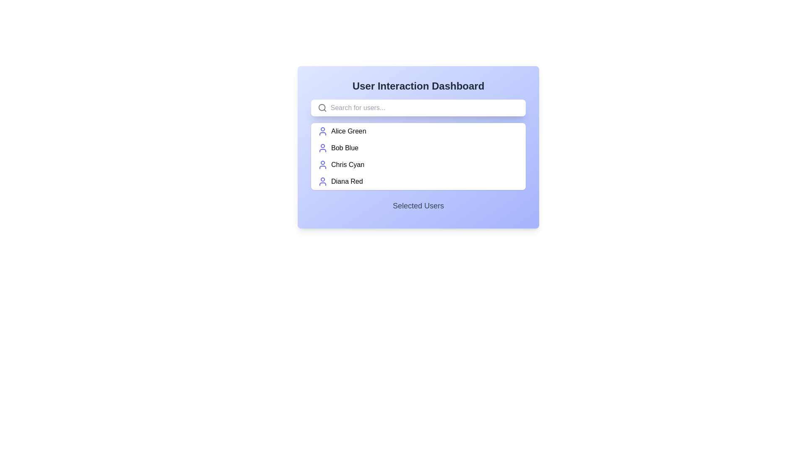 This screenshot has height=452, width=805. Describe the element at coordinates (322, 107) in the screenshot. I see `the magnifying glass lens circle within the search bar area, which symbolizes the search functionality in the user interface` at that location.